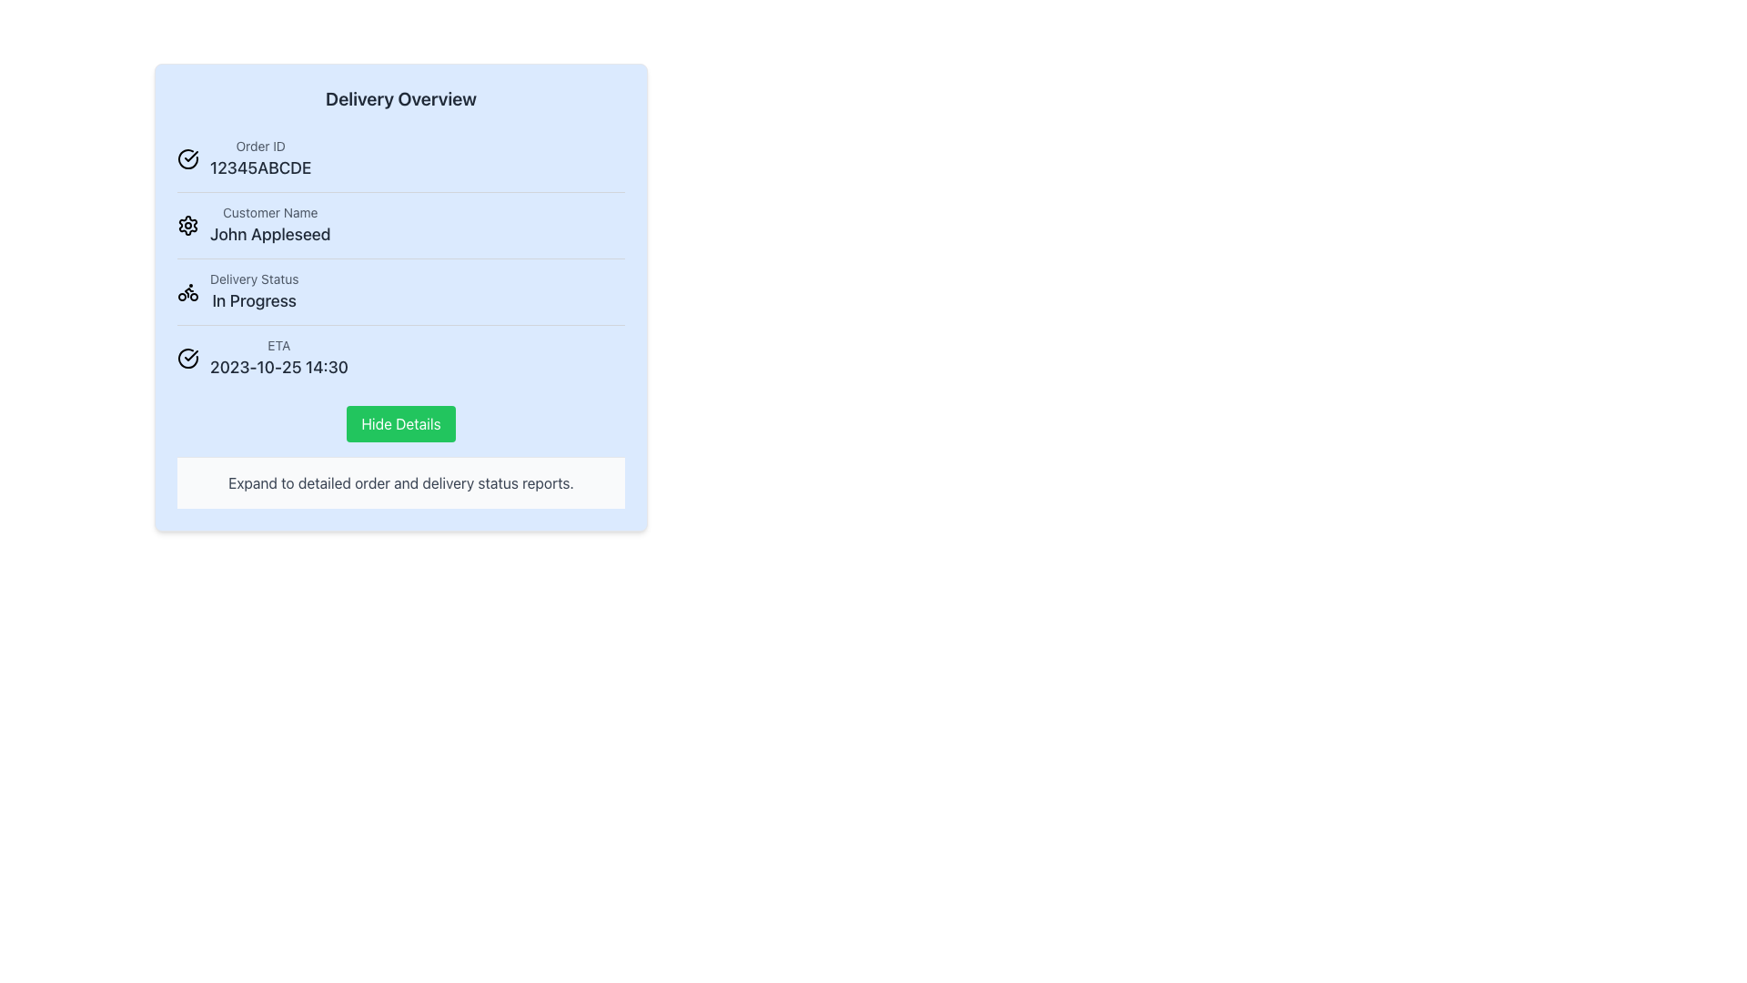 The image size is (1747, 983). Describe the element at coordinates (253, 279) in the screenshot. I see `the non-interactive text label that serves as a heading for the status information displayed below it, located above the 'ETA' field and below the 'Customer Name' field` at that location.